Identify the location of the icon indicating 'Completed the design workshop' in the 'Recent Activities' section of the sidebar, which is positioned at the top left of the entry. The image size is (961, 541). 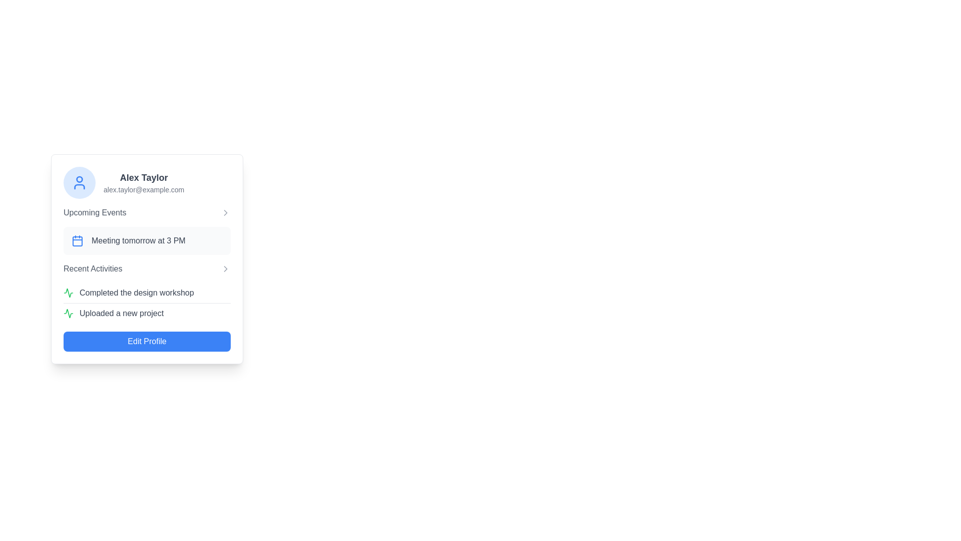
(68, 293).